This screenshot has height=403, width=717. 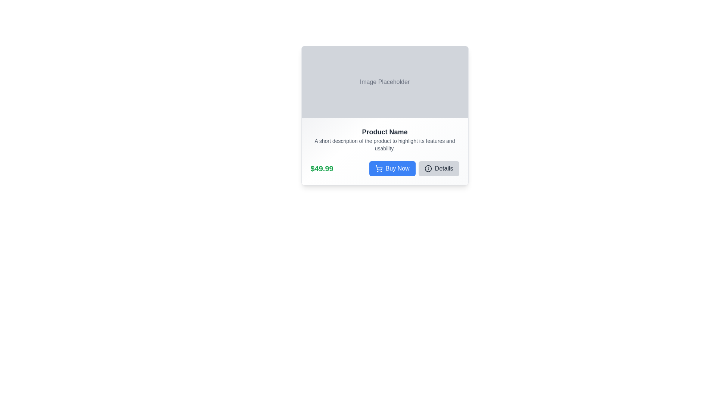 I want to click on the information icon, which is a circular icon with an 'i' inside, located to the left of the 'Details' label on the button in the lower right of the product information card, so click(x=428, y=168).